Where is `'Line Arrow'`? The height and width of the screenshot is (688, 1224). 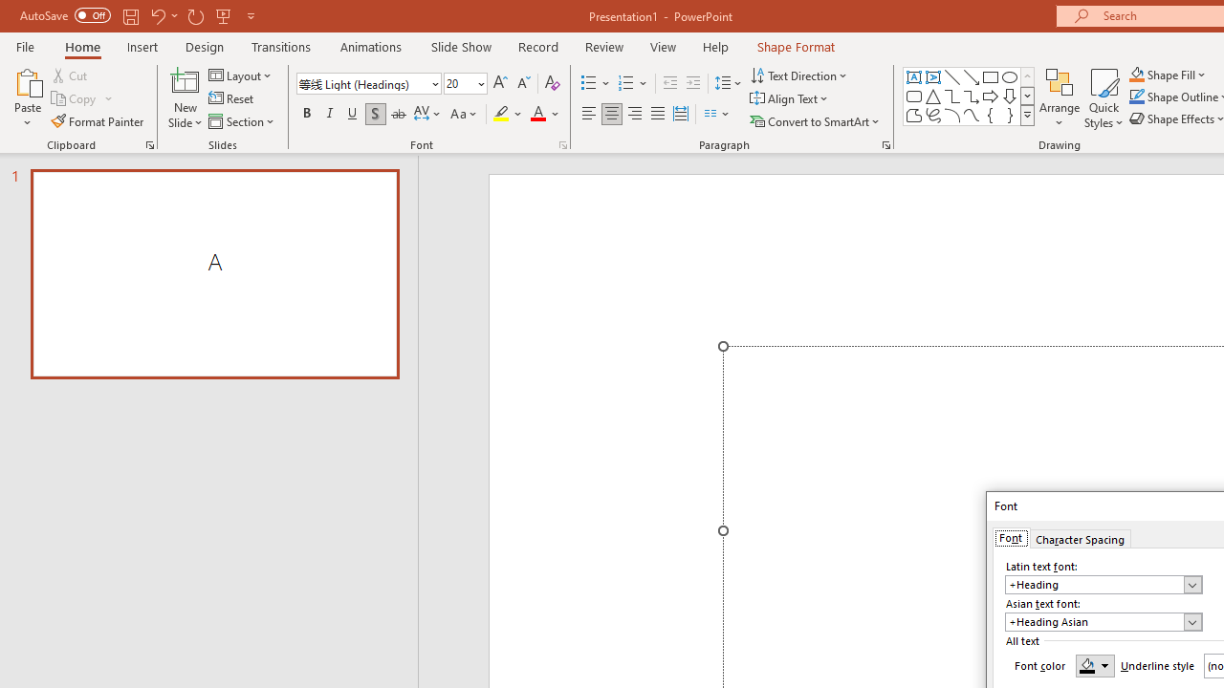
'Line Arrow' is located at coordinates (972, 76).